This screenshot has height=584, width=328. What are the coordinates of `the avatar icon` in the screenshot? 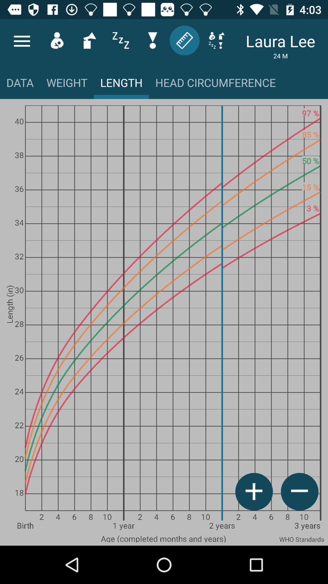 It's located at (57, 40).